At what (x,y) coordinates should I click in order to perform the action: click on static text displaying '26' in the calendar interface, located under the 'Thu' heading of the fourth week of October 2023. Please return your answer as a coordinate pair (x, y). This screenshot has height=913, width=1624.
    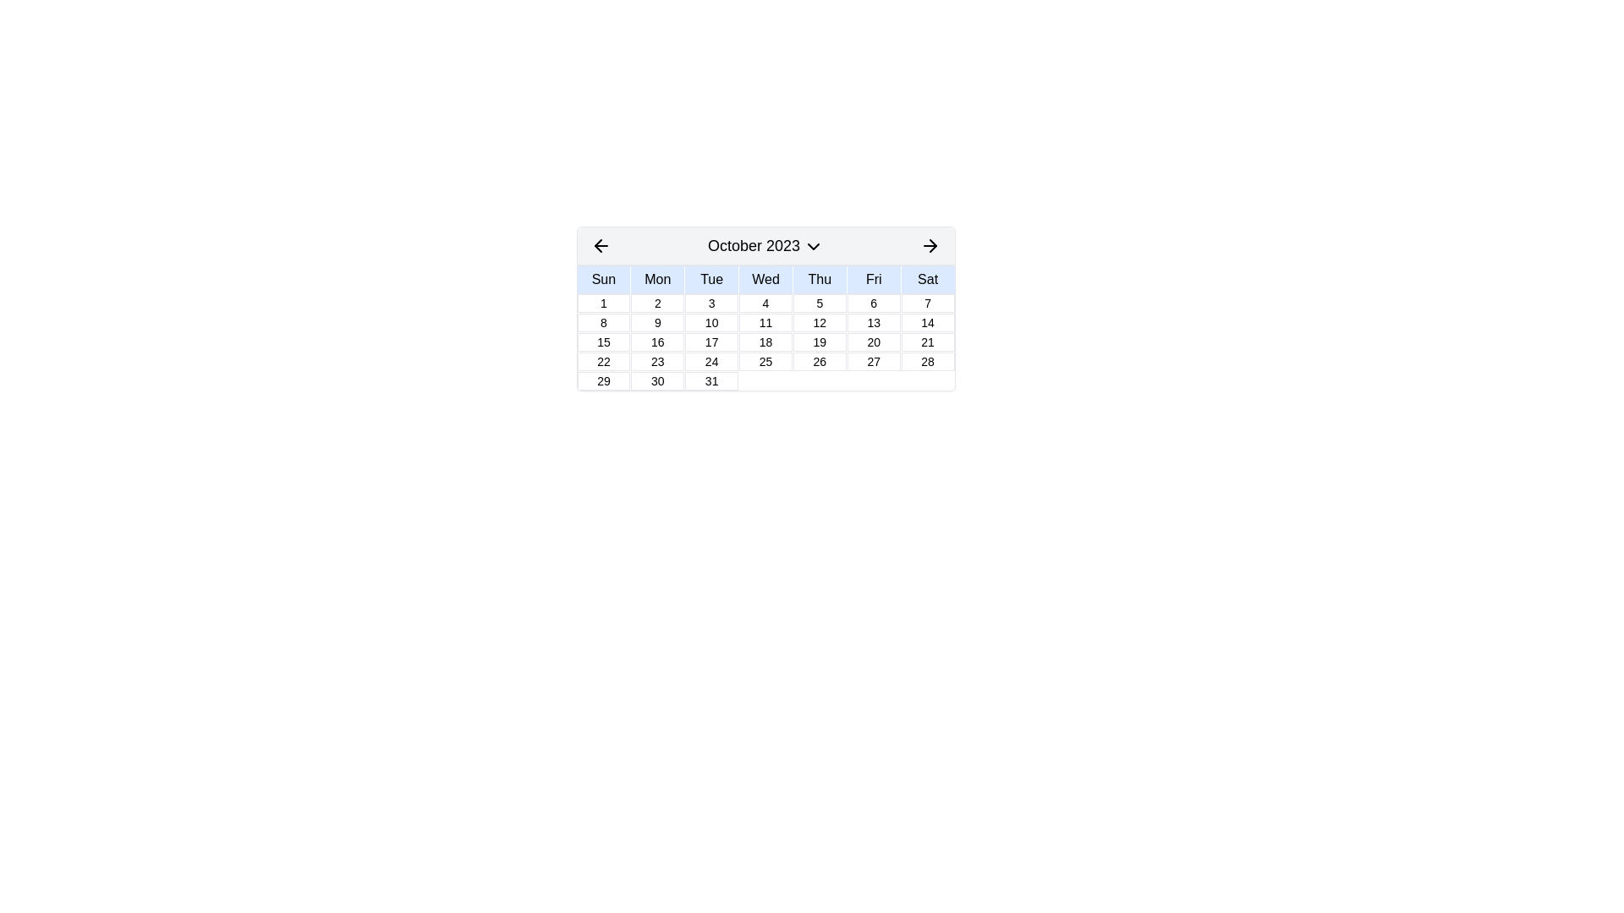
    Looking at the image, I should click on (820, 361).